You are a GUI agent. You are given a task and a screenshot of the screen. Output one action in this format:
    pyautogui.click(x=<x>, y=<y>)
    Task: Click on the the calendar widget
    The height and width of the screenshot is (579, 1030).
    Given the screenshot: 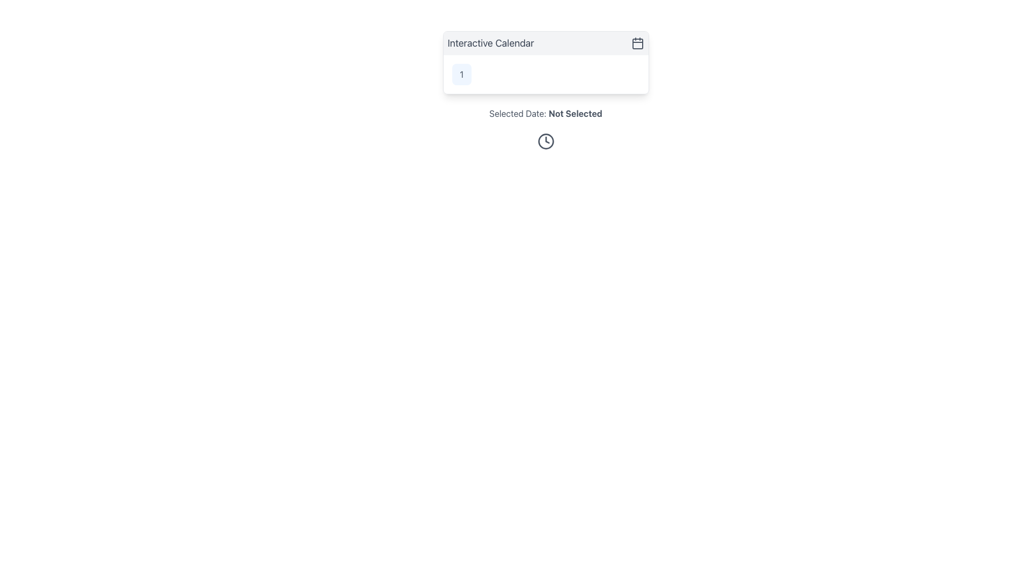 What is the action you would take?
    pyautogui.click(x=546, y=62)
    